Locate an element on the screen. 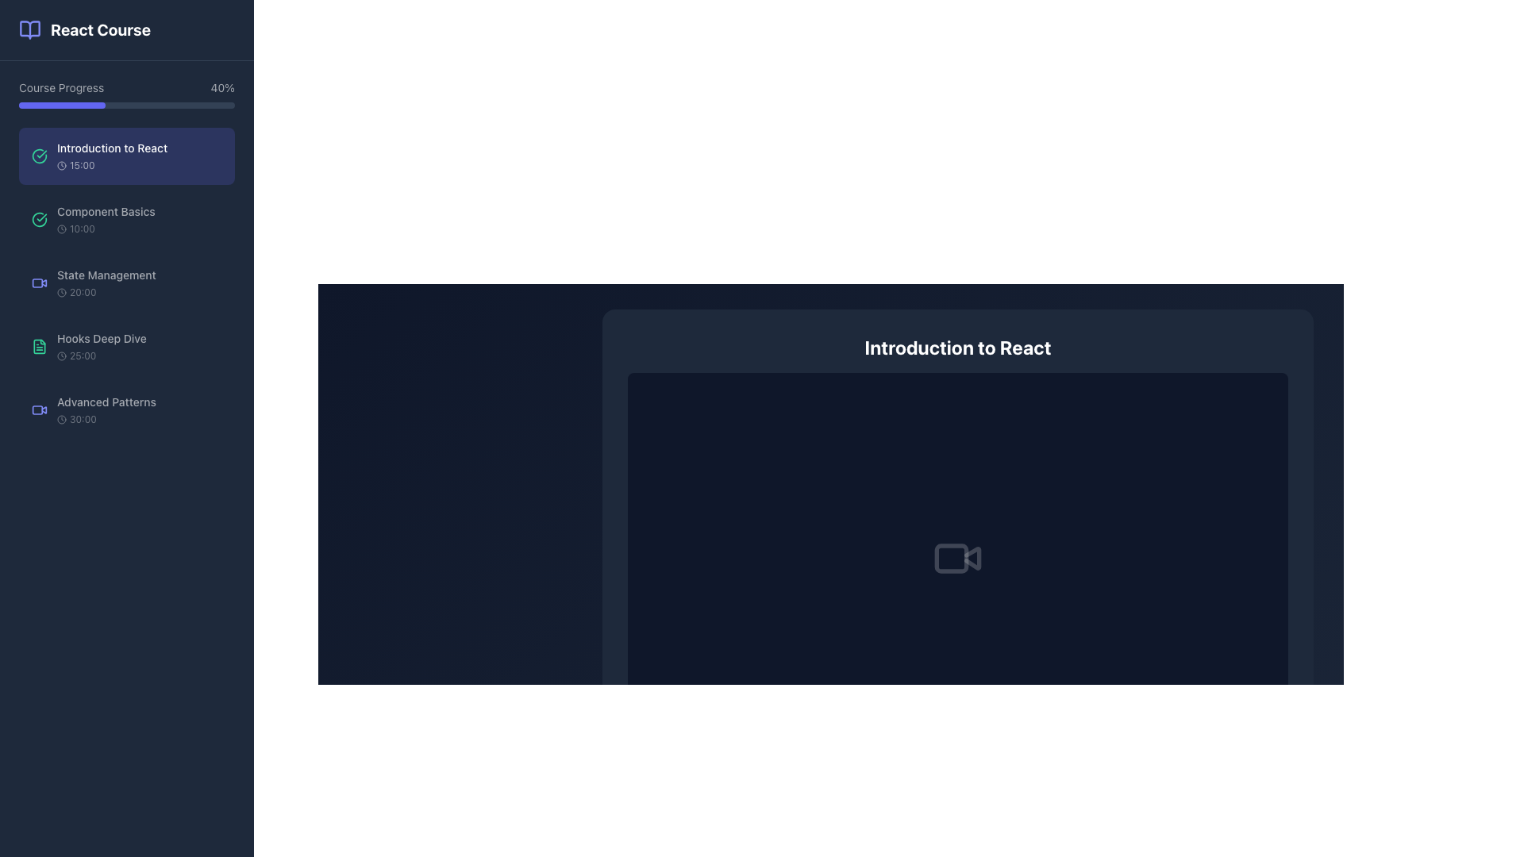 The height and width of the screenshot is (857, 1524). the 'Advanced Patterns' lesson item in the left sidebar under 'React Course' is located at coordinates (140, 409).